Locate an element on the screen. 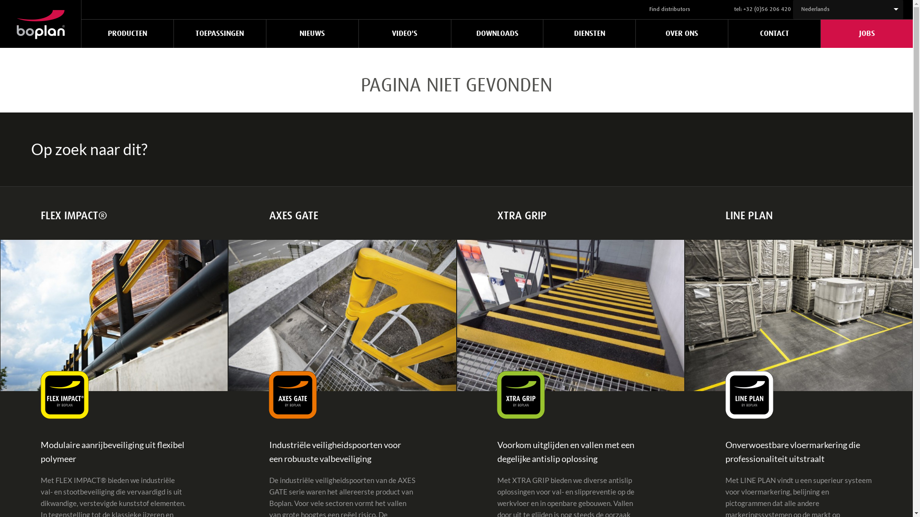  'Line Plan logo by Boplan' is located at coordinates (749, 395).